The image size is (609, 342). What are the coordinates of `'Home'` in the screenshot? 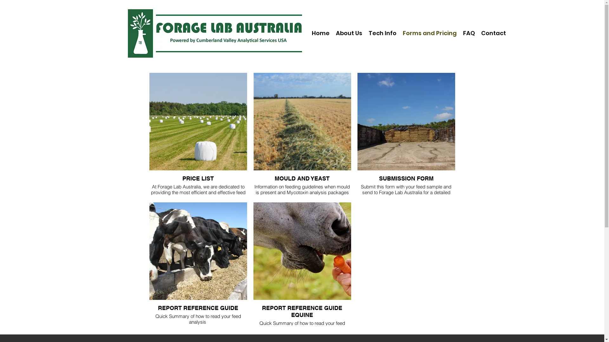 It's located at (320, 33).